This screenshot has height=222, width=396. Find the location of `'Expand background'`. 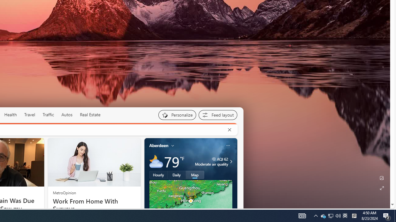

'Expand background' is located at coordinates (381, 188).